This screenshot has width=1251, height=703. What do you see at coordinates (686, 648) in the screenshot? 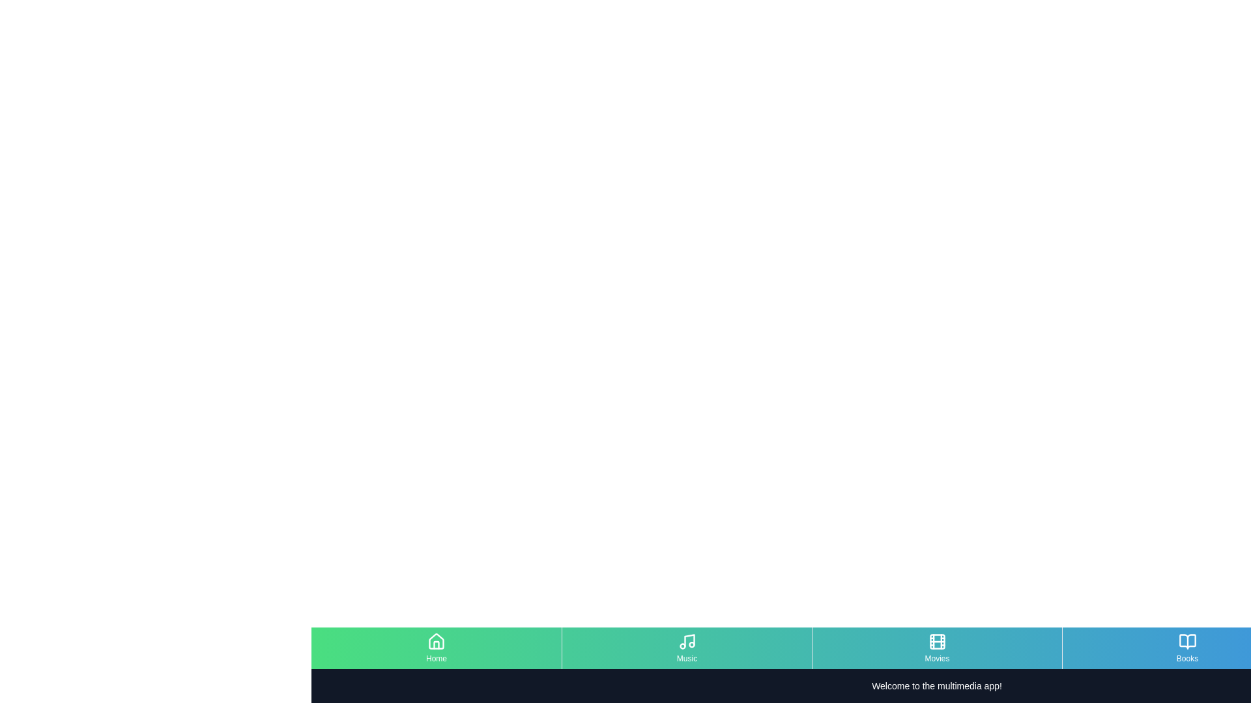
I see `the menu item Music to observe visual changes` at bounding box center [686, 648].